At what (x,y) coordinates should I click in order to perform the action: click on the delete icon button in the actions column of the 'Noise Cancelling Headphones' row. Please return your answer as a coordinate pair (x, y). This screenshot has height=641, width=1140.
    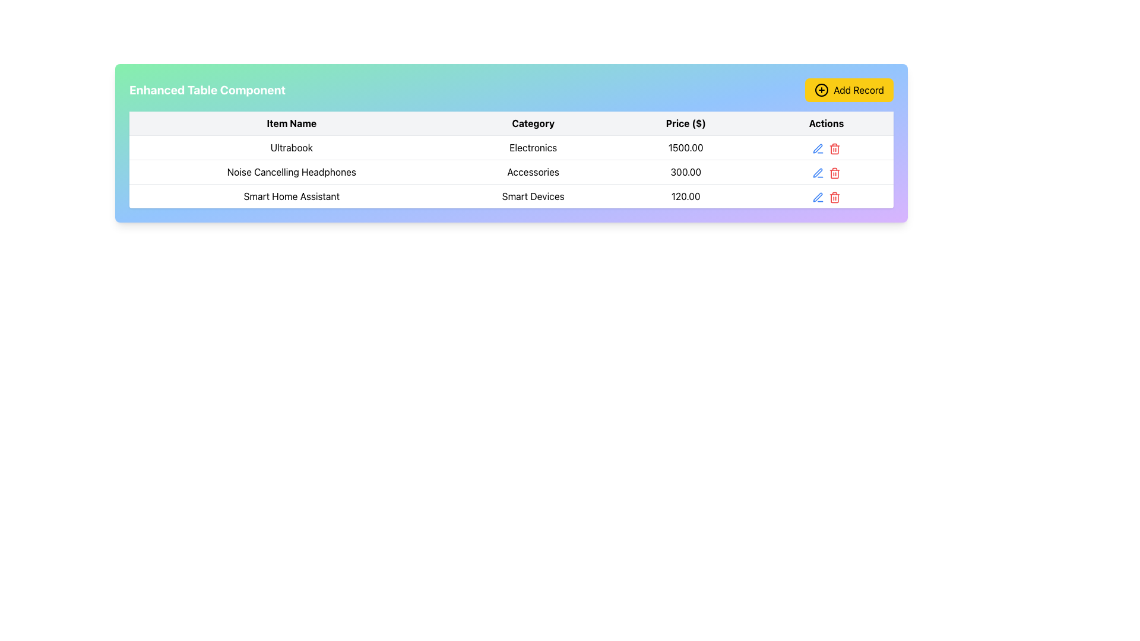
    Looking at the image, I should click on (834, 173).